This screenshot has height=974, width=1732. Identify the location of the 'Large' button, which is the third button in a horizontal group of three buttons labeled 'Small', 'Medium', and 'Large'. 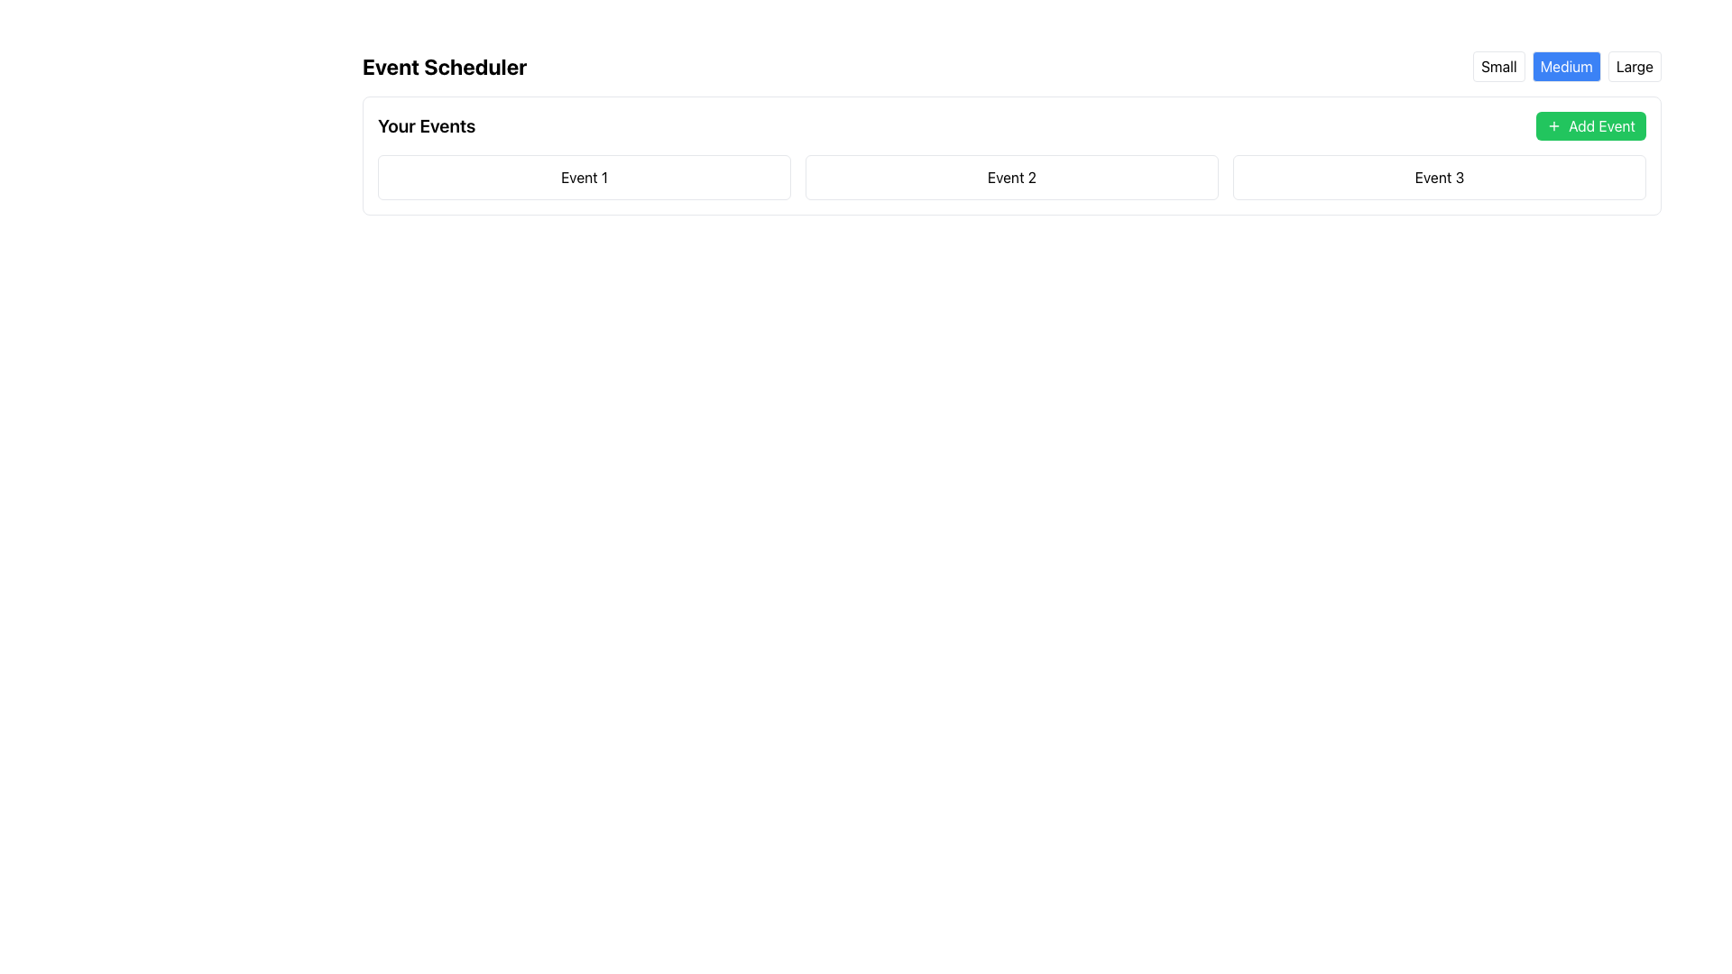
(1635, 65).